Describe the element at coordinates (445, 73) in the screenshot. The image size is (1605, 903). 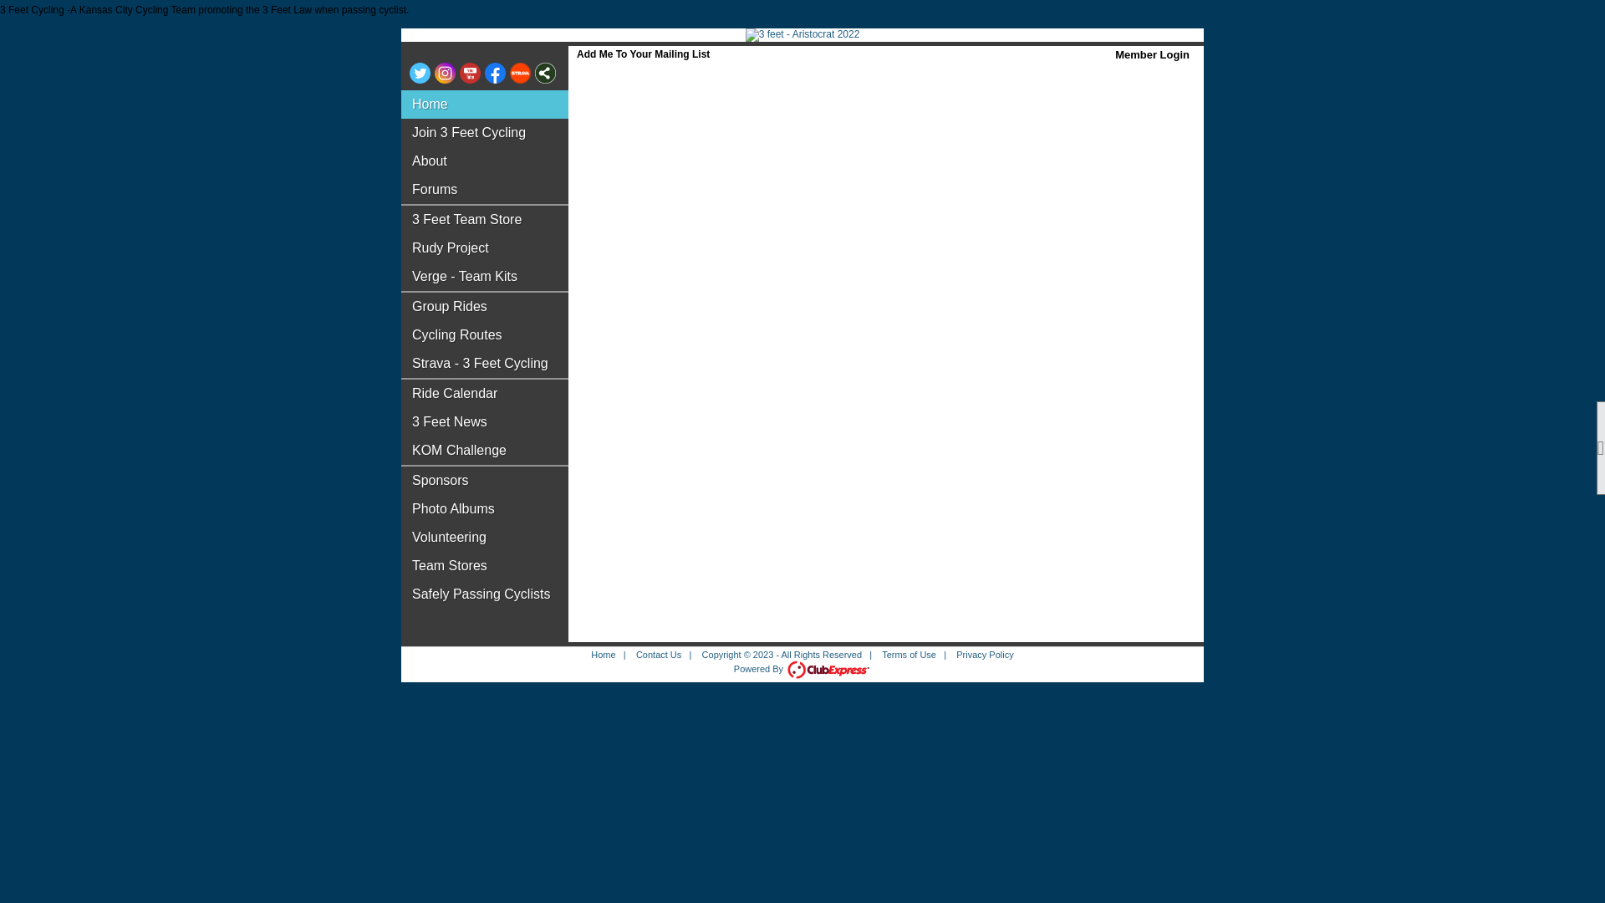
I see `'Visit us on Instagram'` at that location.